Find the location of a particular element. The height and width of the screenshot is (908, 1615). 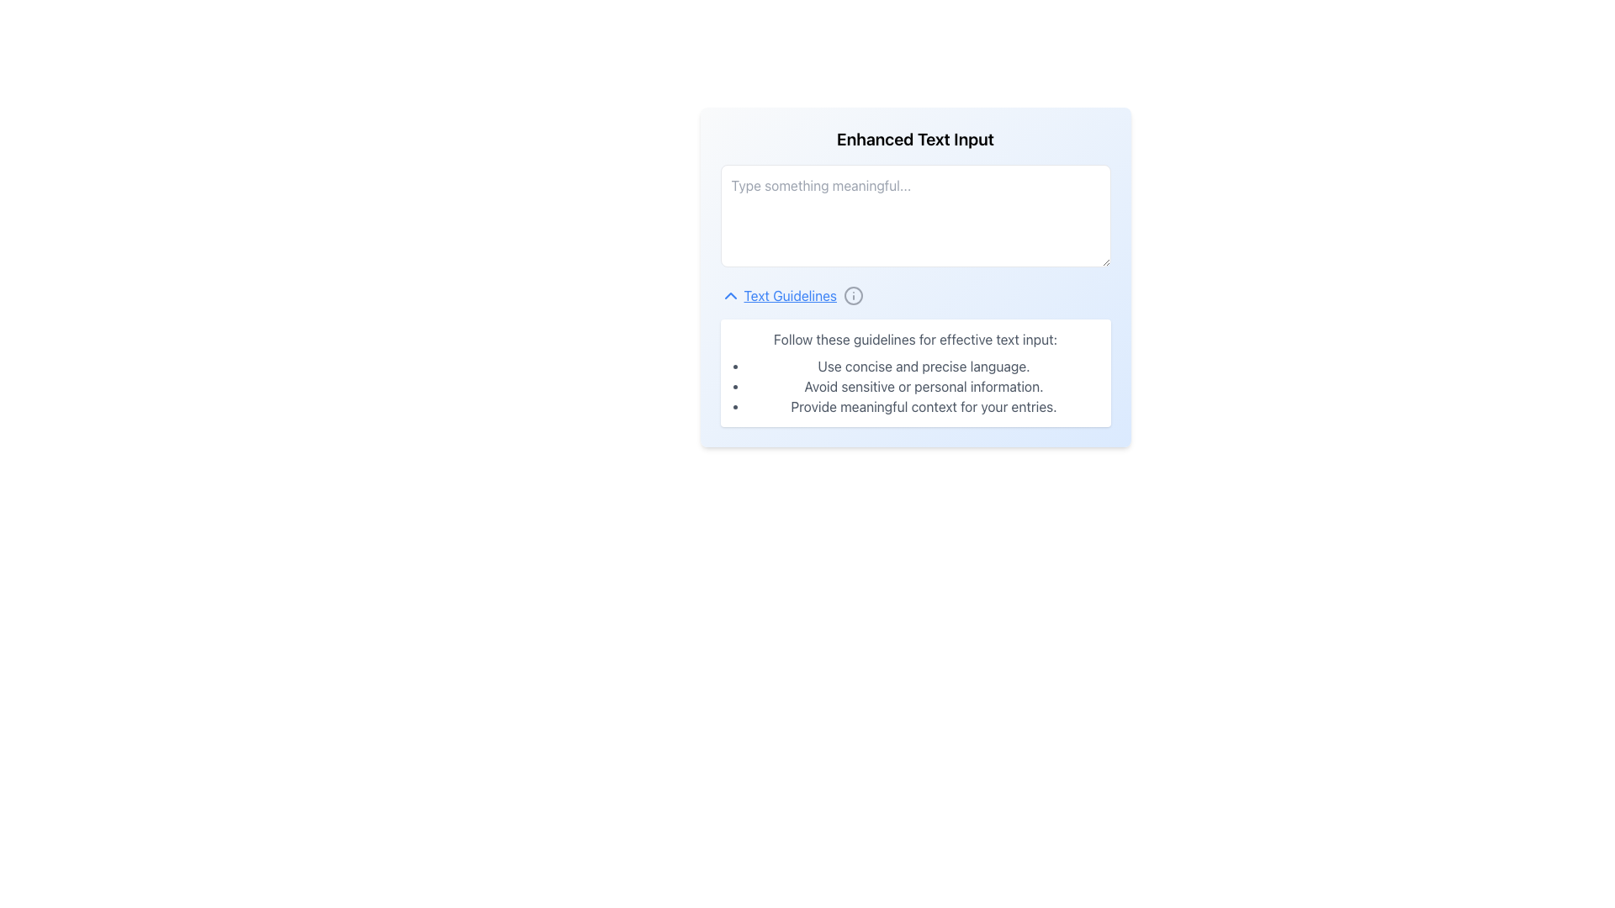

header text which displays 'Enhanced Text Input' prominently in bold at the top of the section is located at coordinates (914, 138).